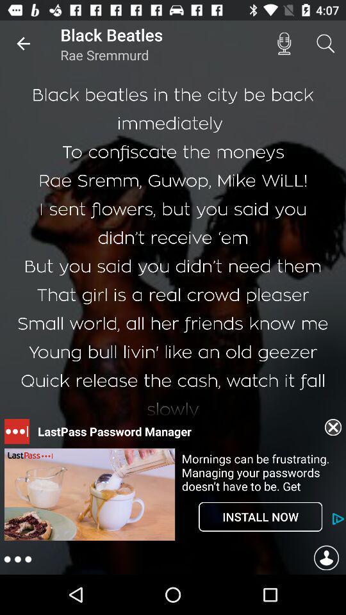 This screenshot has width=346, height=615. What do you see at coordinates (326, 559) in the screenshot?
I see `the avatar icon` at bounding box center [326, 559].